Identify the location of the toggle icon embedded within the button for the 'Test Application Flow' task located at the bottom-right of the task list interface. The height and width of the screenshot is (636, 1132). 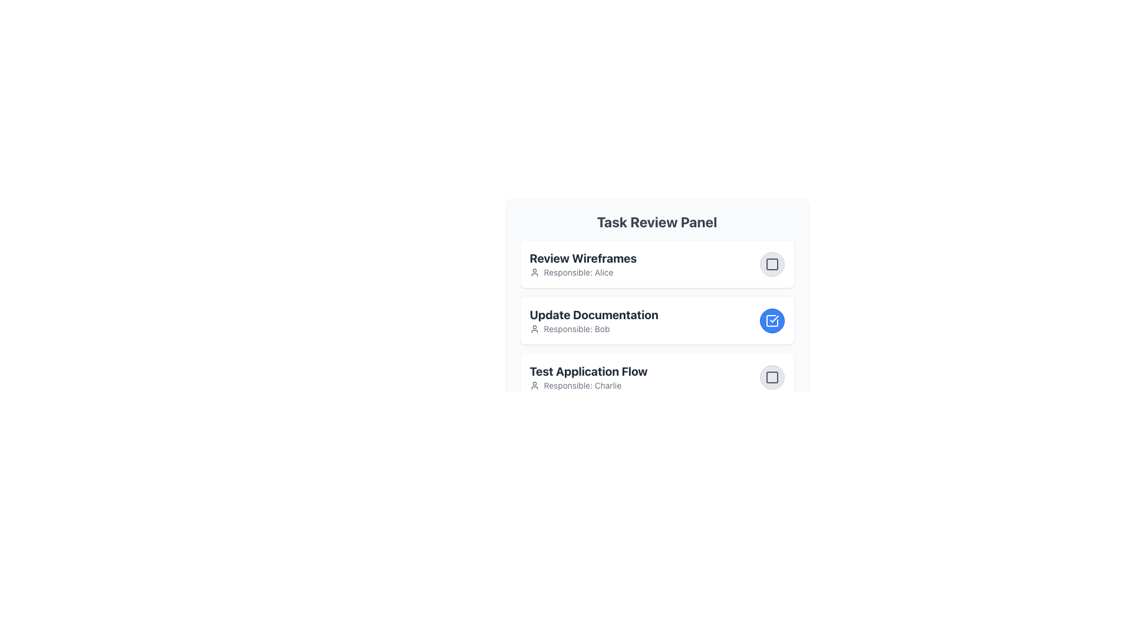
(772, 377).